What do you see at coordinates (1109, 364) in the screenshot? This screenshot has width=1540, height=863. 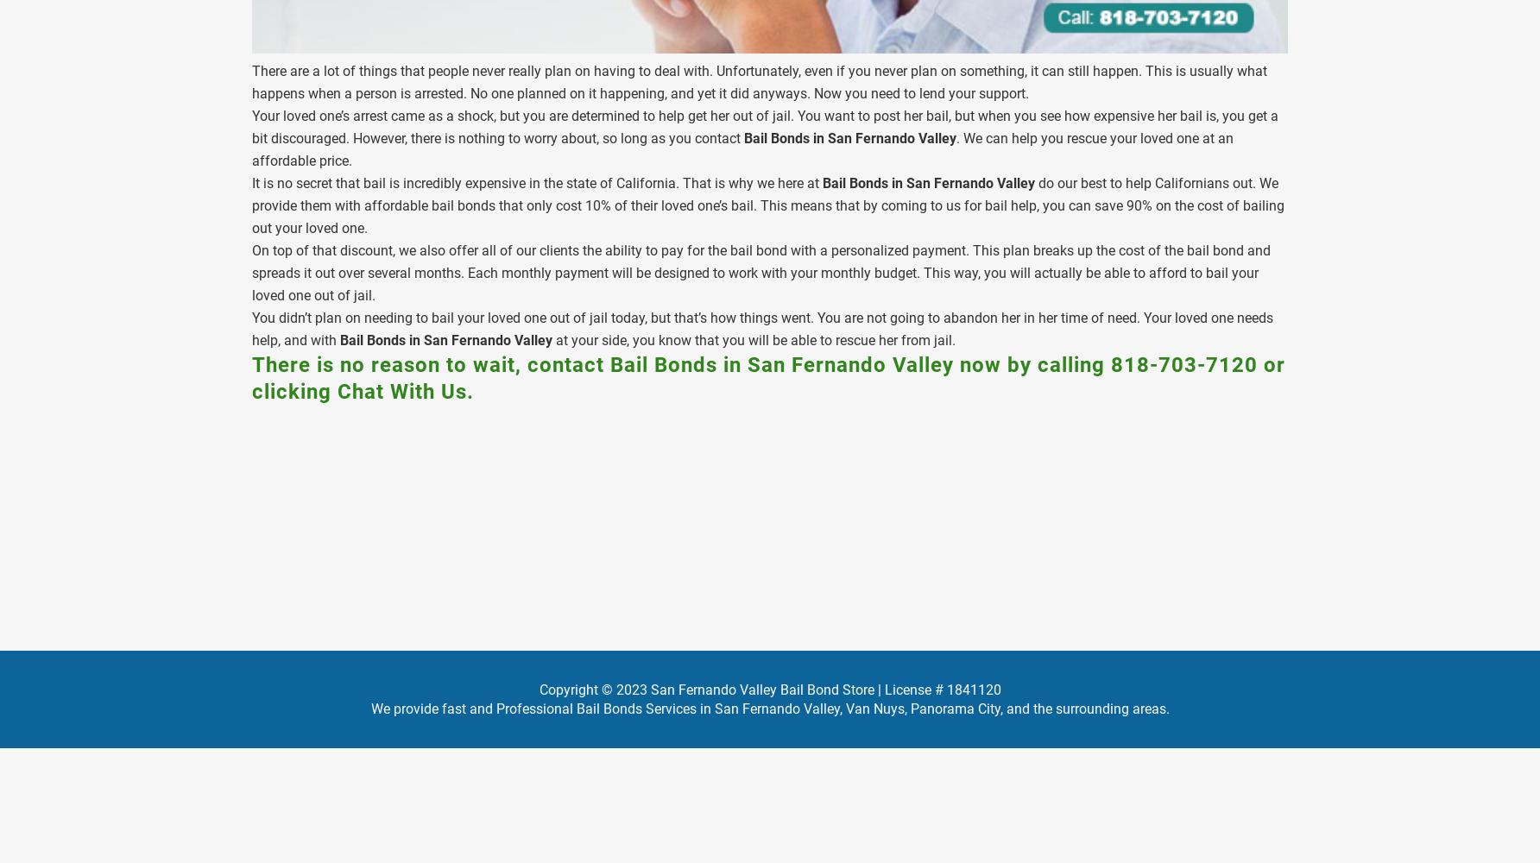 I see `'818-703-7120'` at bounding box center [1109, 364].